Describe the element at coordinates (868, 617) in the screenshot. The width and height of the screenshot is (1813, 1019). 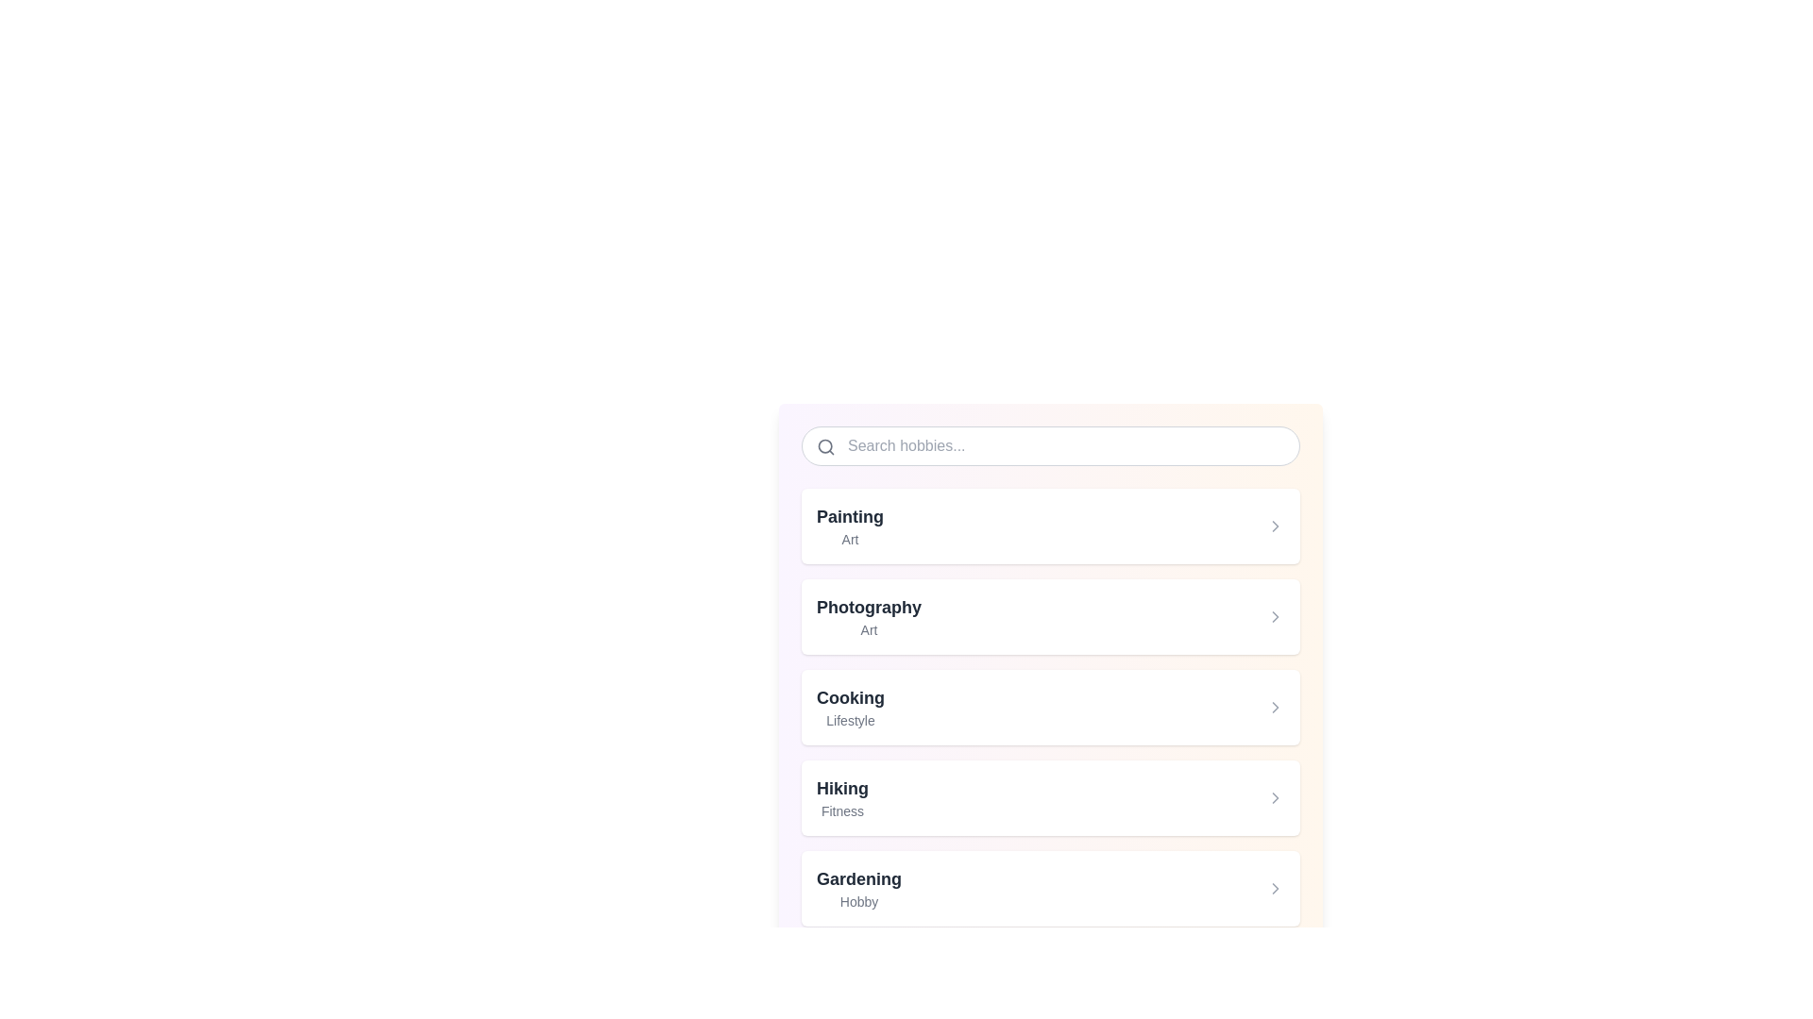
I see `the second list item labeled 'Photography' in the vertical list` at that location.